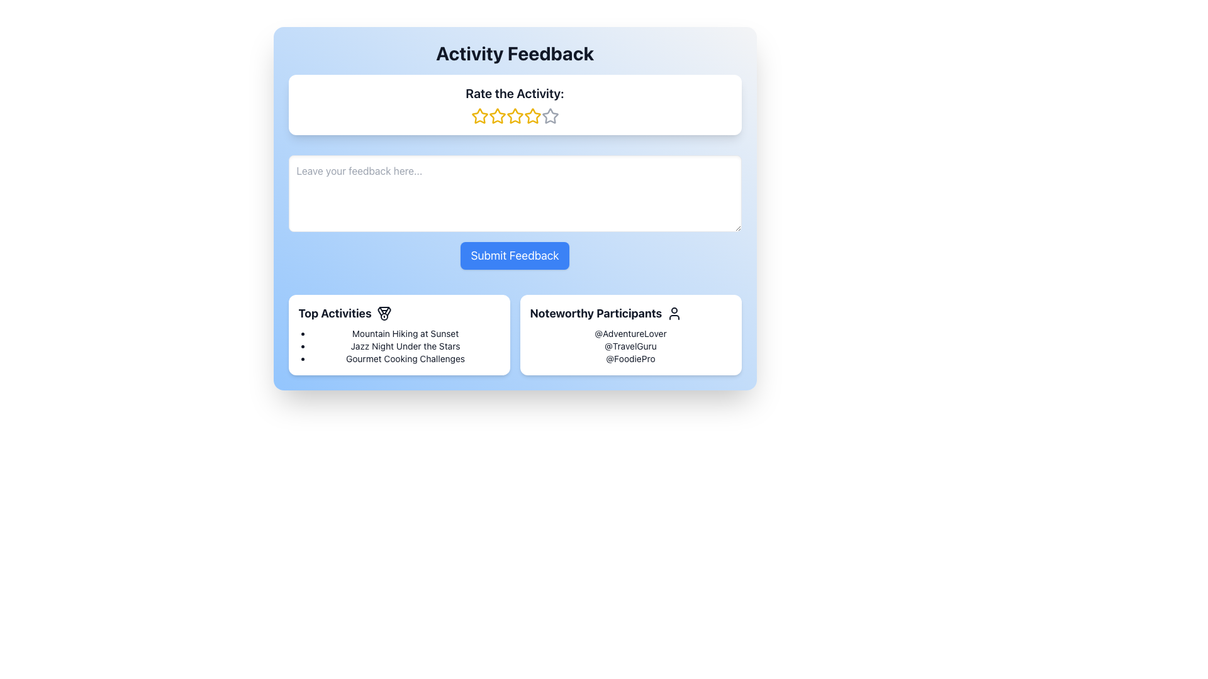 The width and height of the screenshot is (1208, 679). What do you see at coordinates (550, 116) in the screenshot?
I see `the fifth star in the rating control to provide feedback for the activity` at bounding box center [550, 116].